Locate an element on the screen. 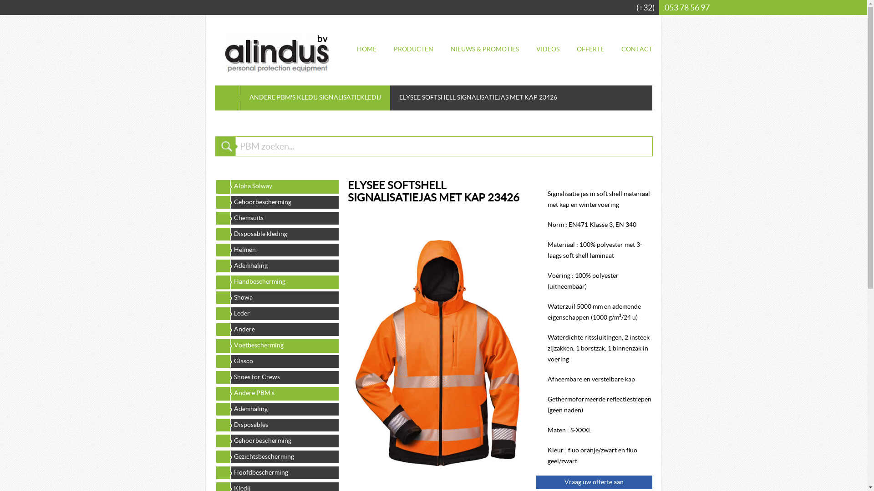 The width and height of the screenshot is (874, 491). 'Voetbescherming' is located at coordinates (214, 345).